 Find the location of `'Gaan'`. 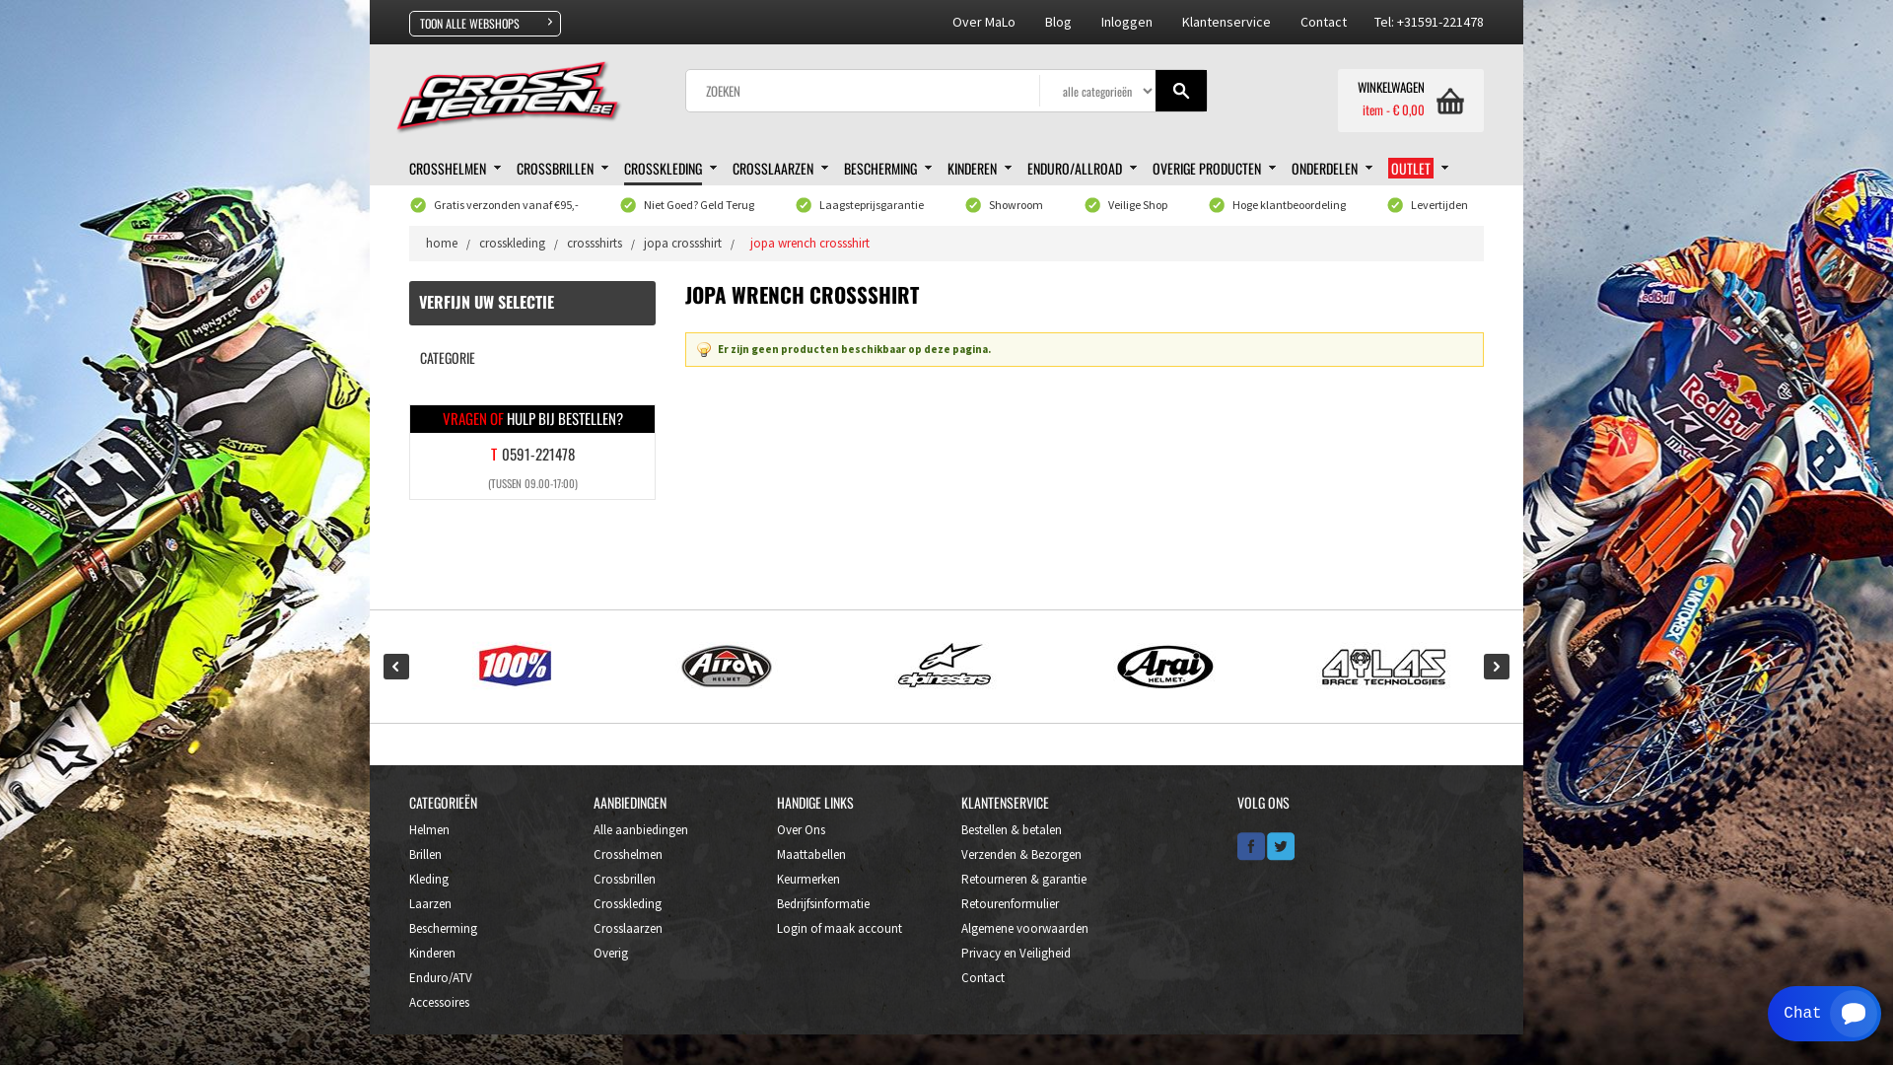

'Gaan' is located at coordinates (1181, 91).